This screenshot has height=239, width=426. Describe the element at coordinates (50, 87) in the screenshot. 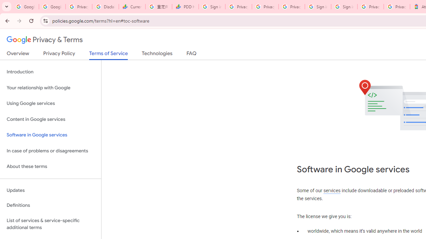

I see `'Your relationship with Google'` at that location.